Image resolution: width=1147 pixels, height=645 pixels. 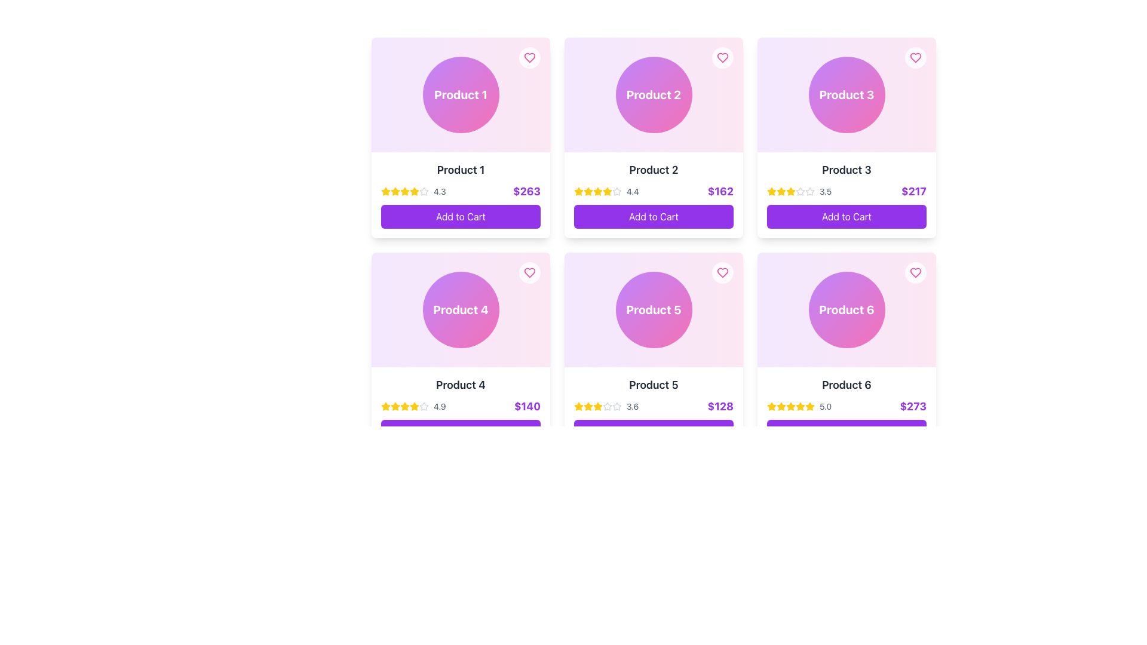 What do you see at coordinates (588, 191) in the screenshot?
I see `the third star icon in the 5-star rating component below the title 'Product 2' in the second product card of the first row to interact with its underlying function` at bounding box center [588, 191].